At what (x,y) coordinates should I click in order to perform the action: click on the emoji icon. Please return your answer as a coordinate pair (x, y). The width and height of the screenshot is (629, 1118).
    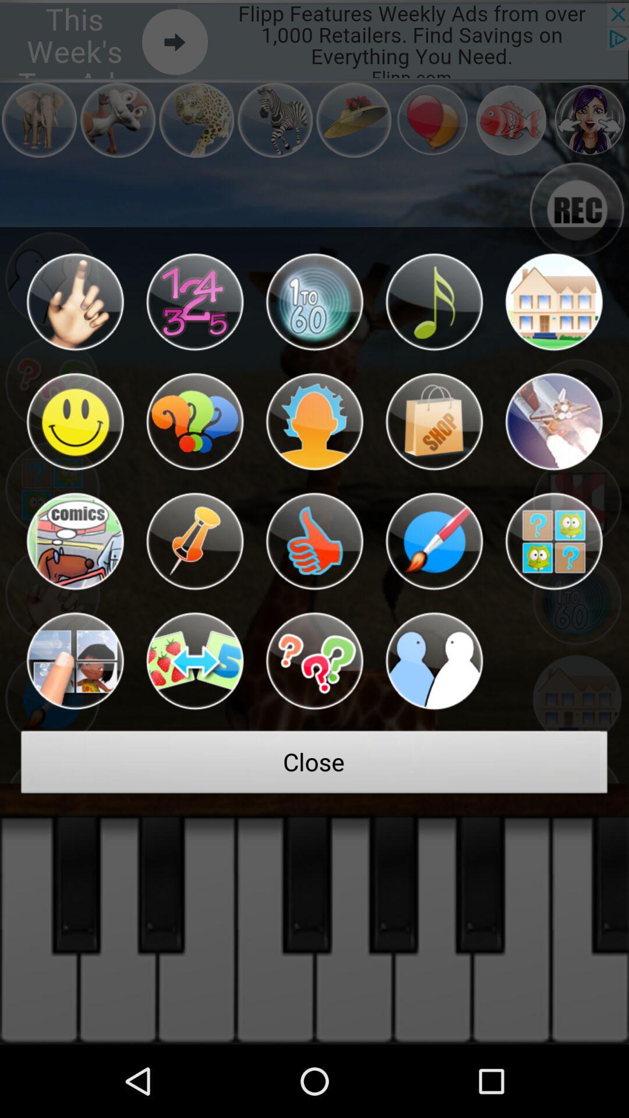
    Looking at the image, I should click on (75, 451).